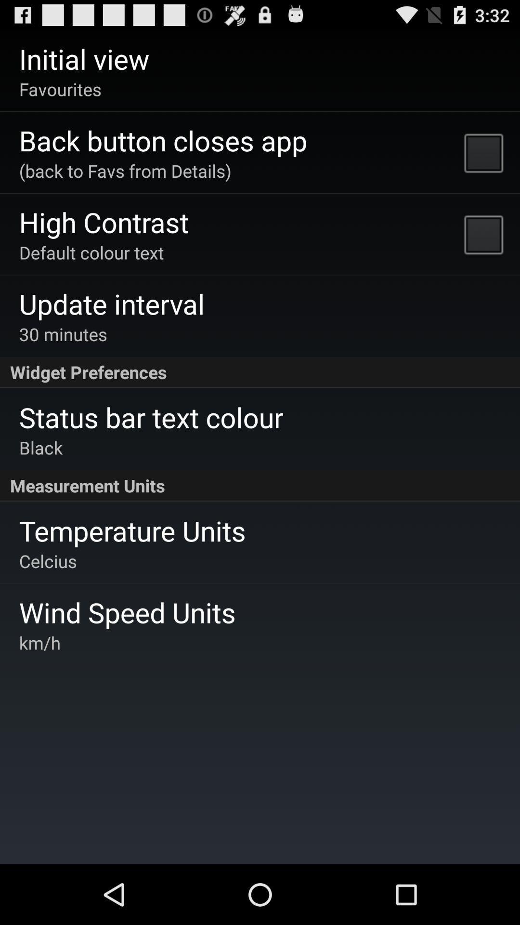 This screenshot has height=925, width=520. Describe the element at coordinates (125, 171) in the screenshot. I see `the back to favs icon` at that location.